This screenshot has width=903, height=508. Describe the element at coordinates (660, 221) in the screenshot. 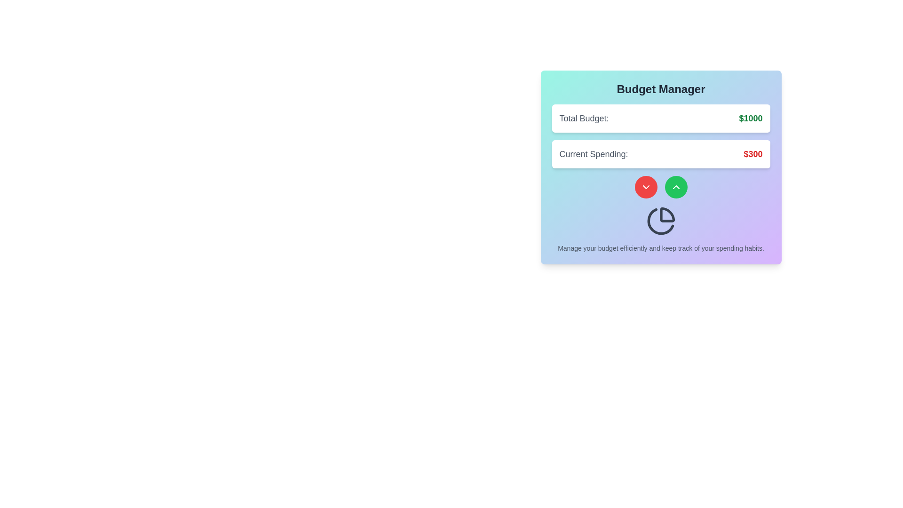

I see `the circular pie chart icon styled in a minimalist design, located near the bottom center of the card under the text 'Current Spending: $300'` at that location.